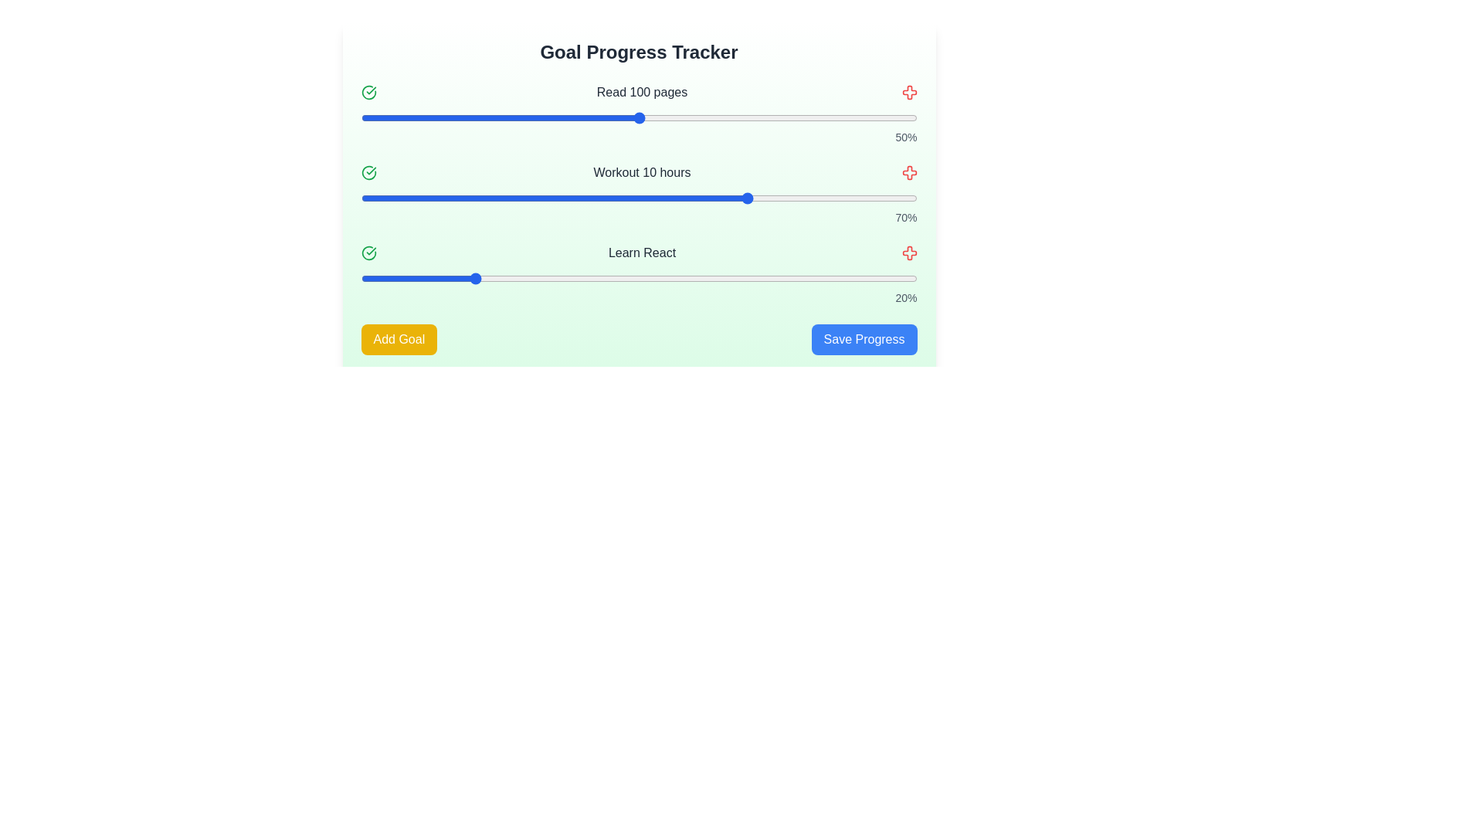 The height and width of the screenshot is (834, 1483). I want to click on the red cross icon next to the goal titled 'Learn React' to remove it, so click(909, 252).